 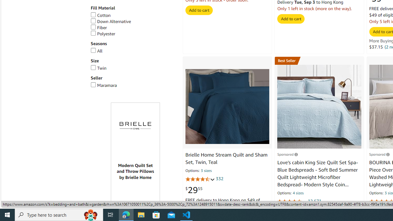 What do you see at coordinates (103, 85) in the screenshot?
I see `'Maramara'` at bounding box center [103, 85].